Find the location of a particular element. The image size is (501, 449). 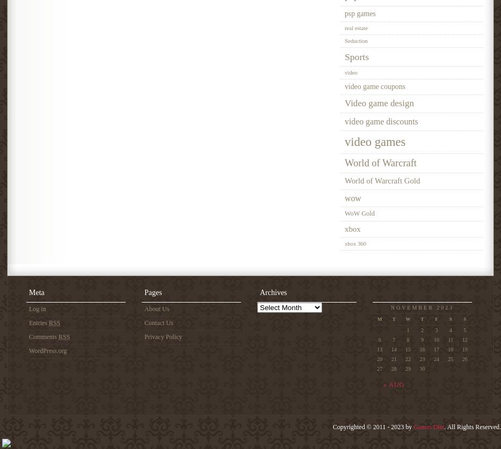

'World of Warcraft Gold' is located at coordinates (344, 180).